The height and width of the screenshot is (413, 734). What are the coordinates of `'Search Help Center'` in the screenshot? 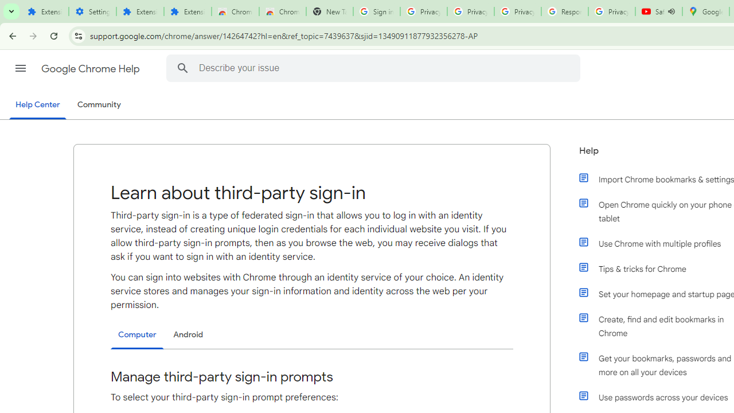 It's located at (182, 68).